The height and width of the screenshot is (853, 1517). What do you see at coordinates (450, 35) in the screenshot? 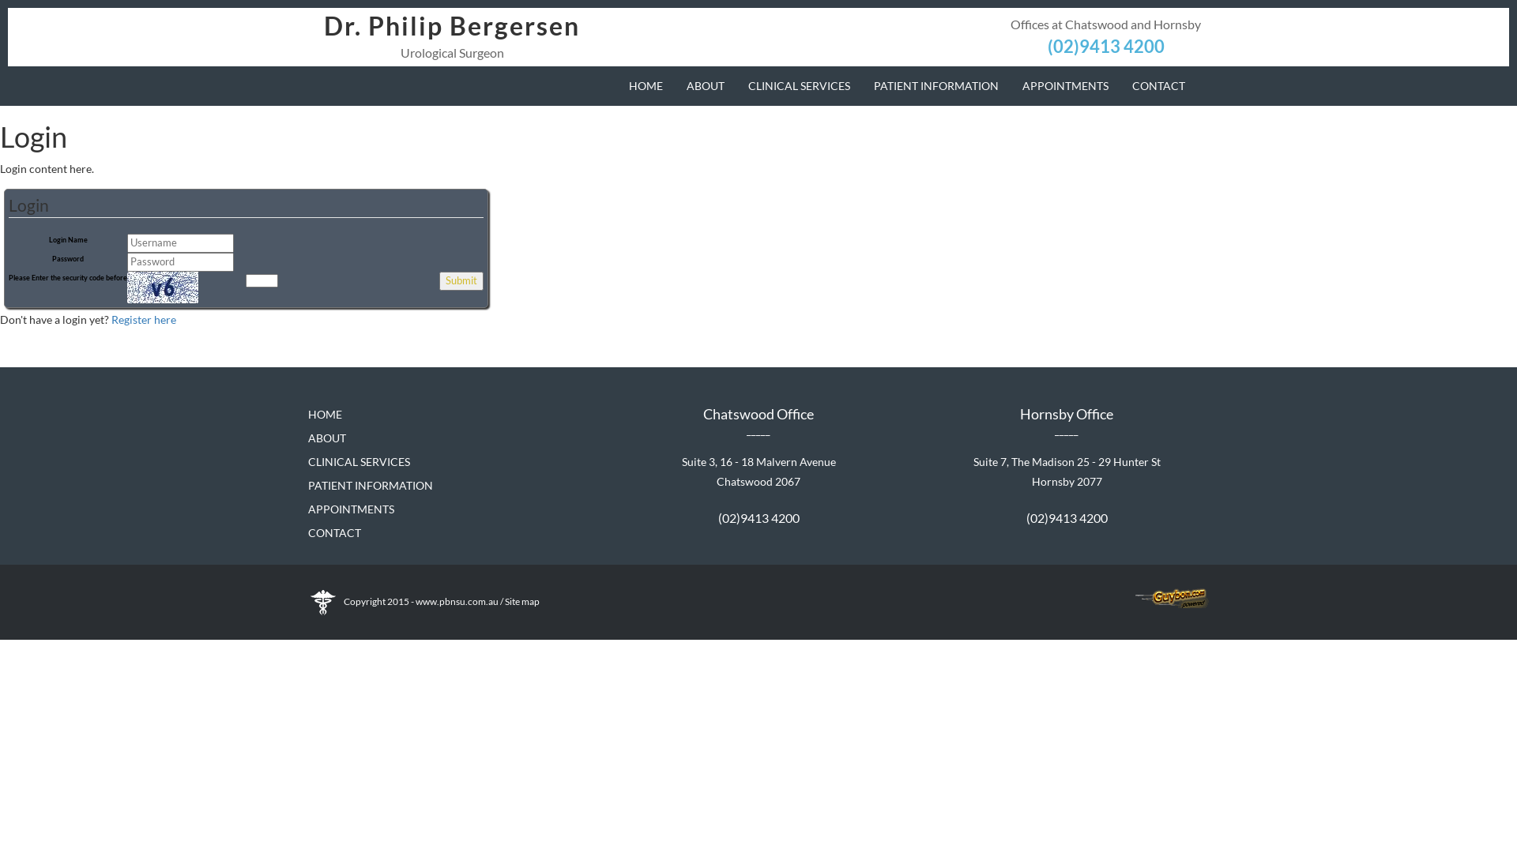
I see `'Dr. Philip Bergersen` at bounding box center [450, 35].